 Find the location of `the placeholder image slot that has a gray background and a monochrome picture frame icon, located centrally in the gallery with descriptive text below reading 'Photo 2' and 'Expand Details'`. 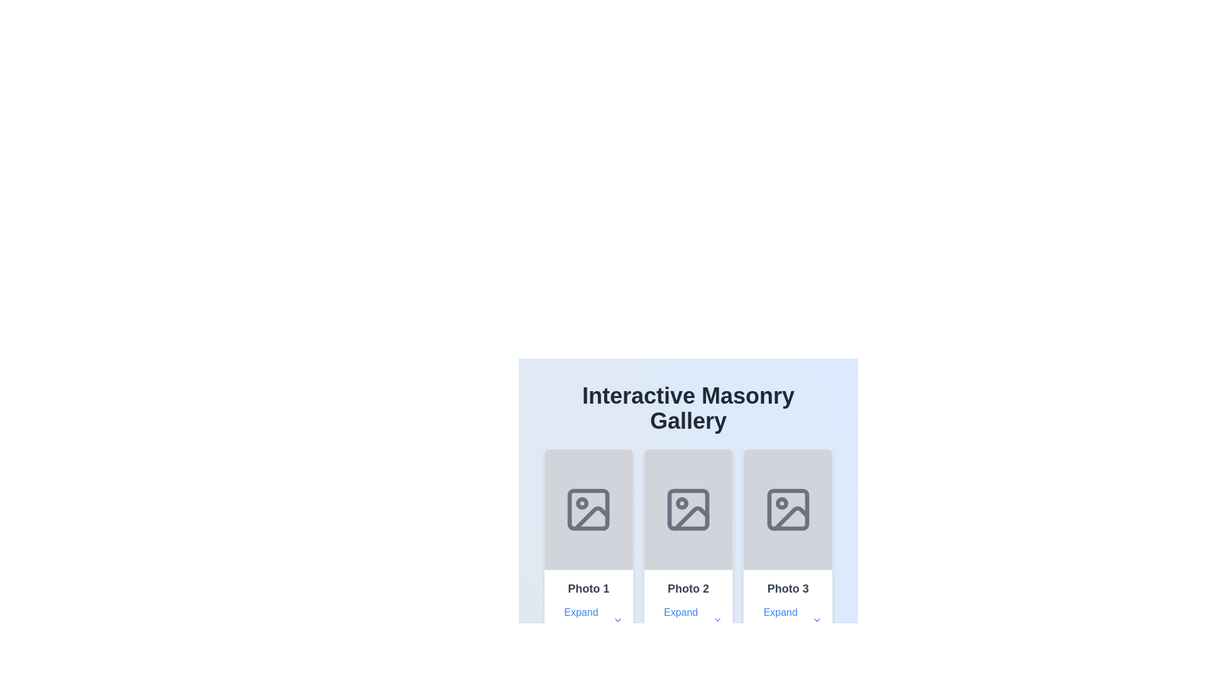

the placeholder image slot that has a gray background and a monochrome picture frame icon, located centrally in the gallery with descriptive text below reading 'Photo 2' and 'Expand Details' is located at coordinates (687, 510).